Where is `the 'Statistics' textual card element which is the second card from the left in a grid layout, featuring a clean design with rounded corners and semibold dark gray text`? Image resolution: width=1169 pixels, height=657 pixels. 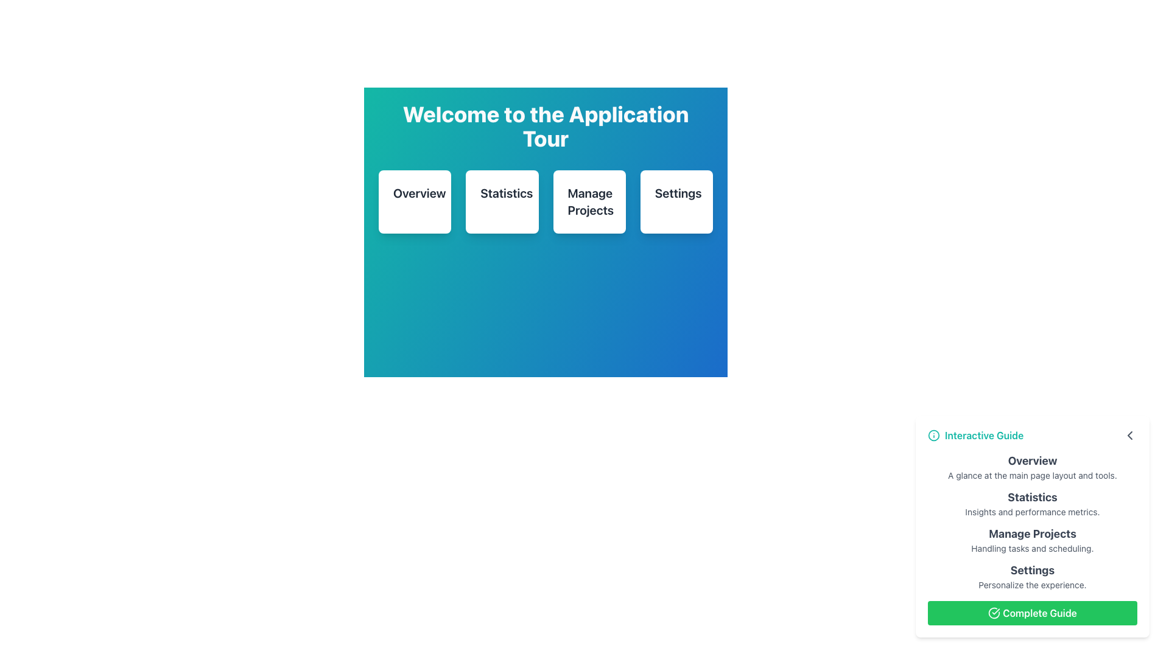 the 'Statistics' textual card element which is the second card from the left in a grid layout, featuring a clean design with rounded corners and semibold dark gray text is located at coordinates (502, 201).